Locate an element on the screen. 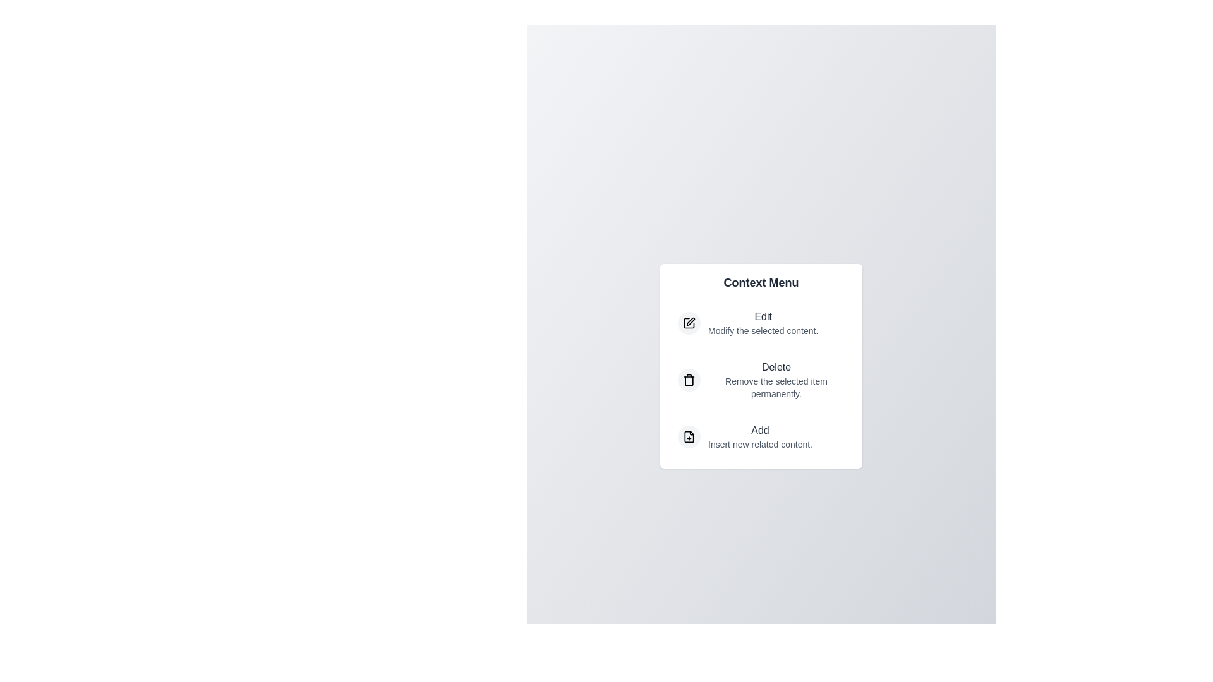 The height and width of the screenshot is (682, 1213). the 'Delete' option in the context menu to remove content is located at coordinates (760, 379).